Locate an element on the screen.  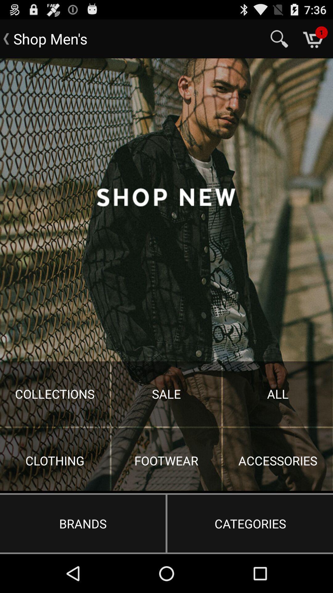
the categories button is located at coordinates (250, 523).